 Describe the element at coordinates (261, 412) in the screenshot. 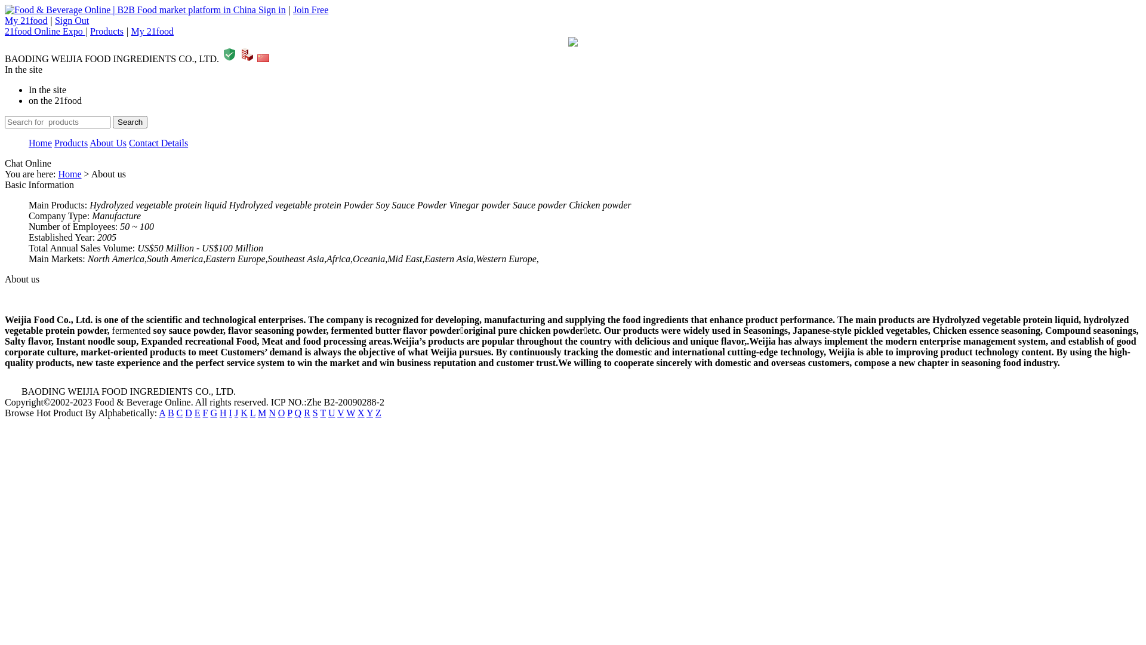

I see `'M'` at that location.